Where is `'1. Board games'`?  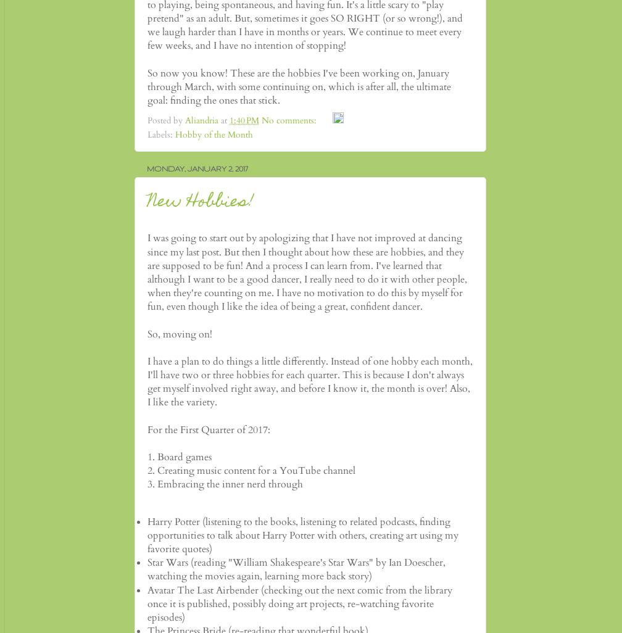
'1. Board games' is located at coordinates (180, 457).